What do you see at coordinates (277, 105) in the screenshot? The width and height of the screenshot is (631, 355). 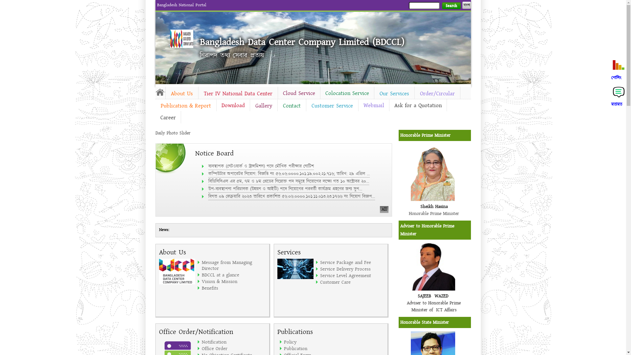 I see `'Contact'` at bounding box center [277, 105].